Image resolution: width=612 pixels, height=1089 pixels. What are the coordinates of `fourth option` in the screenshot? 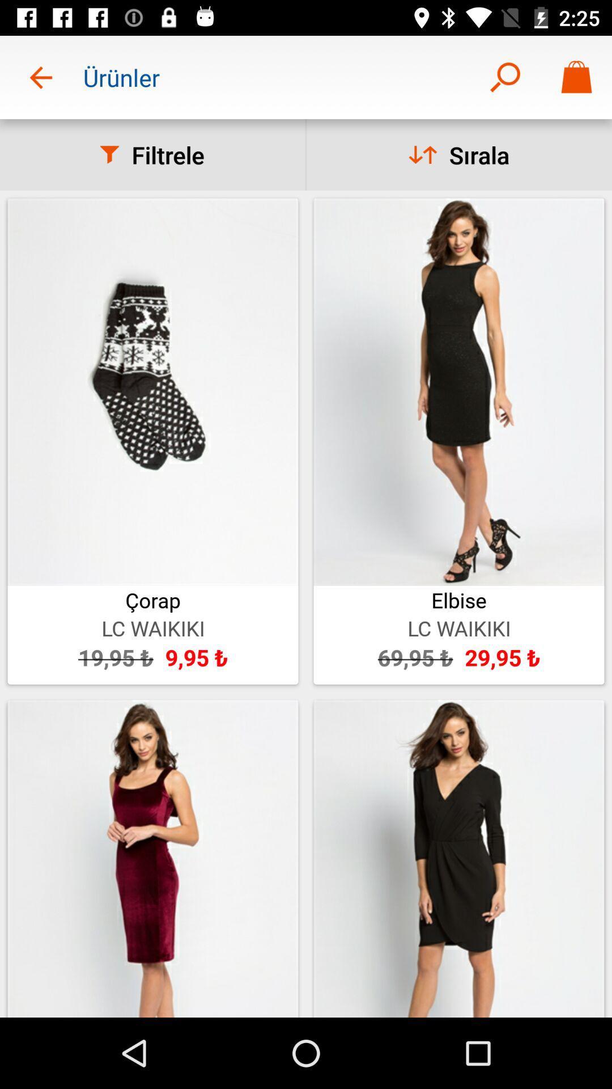 It's located at (459, 858).